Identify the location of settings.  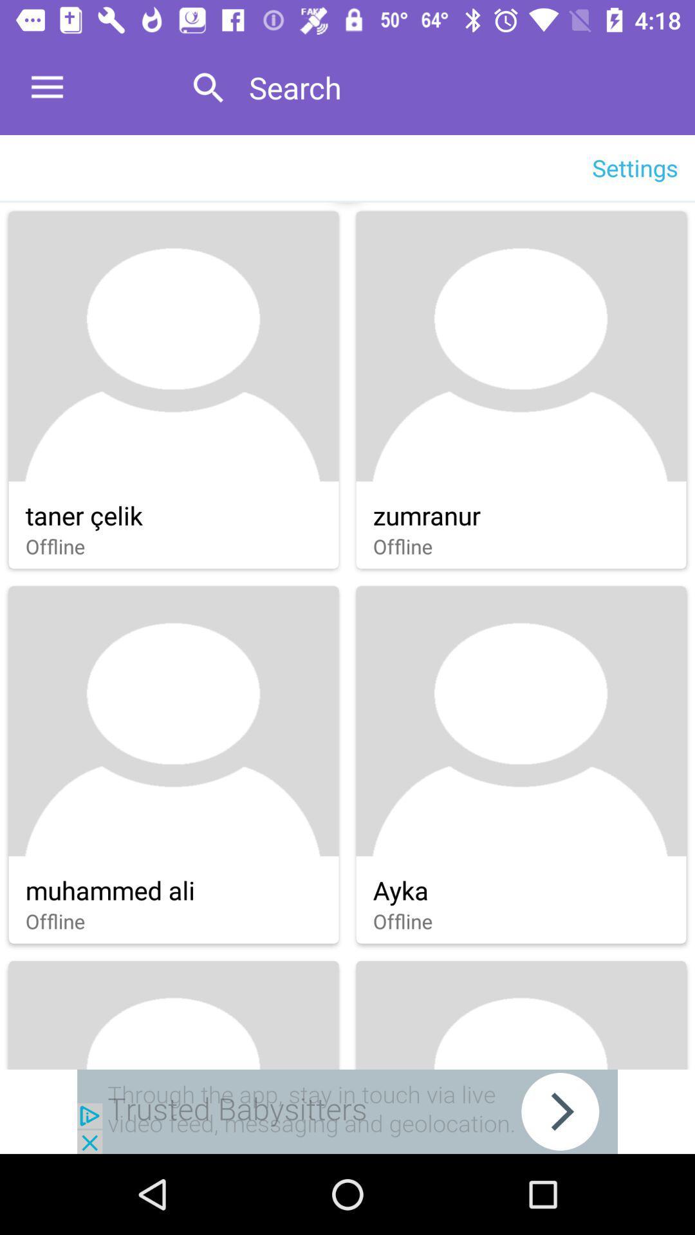
(635, 167).